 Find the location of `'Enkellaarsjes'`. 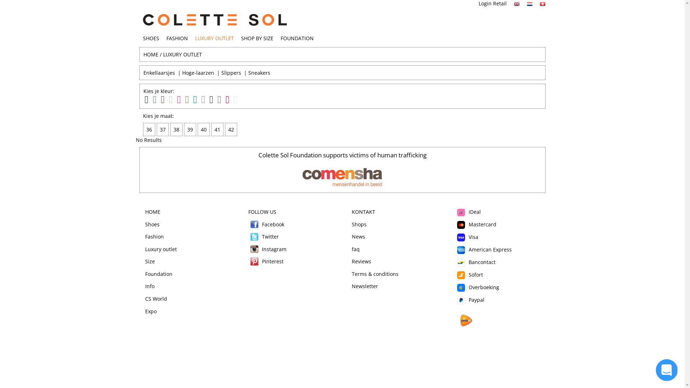

'Enkellaarsjes' is located at coordinates (158, 73).